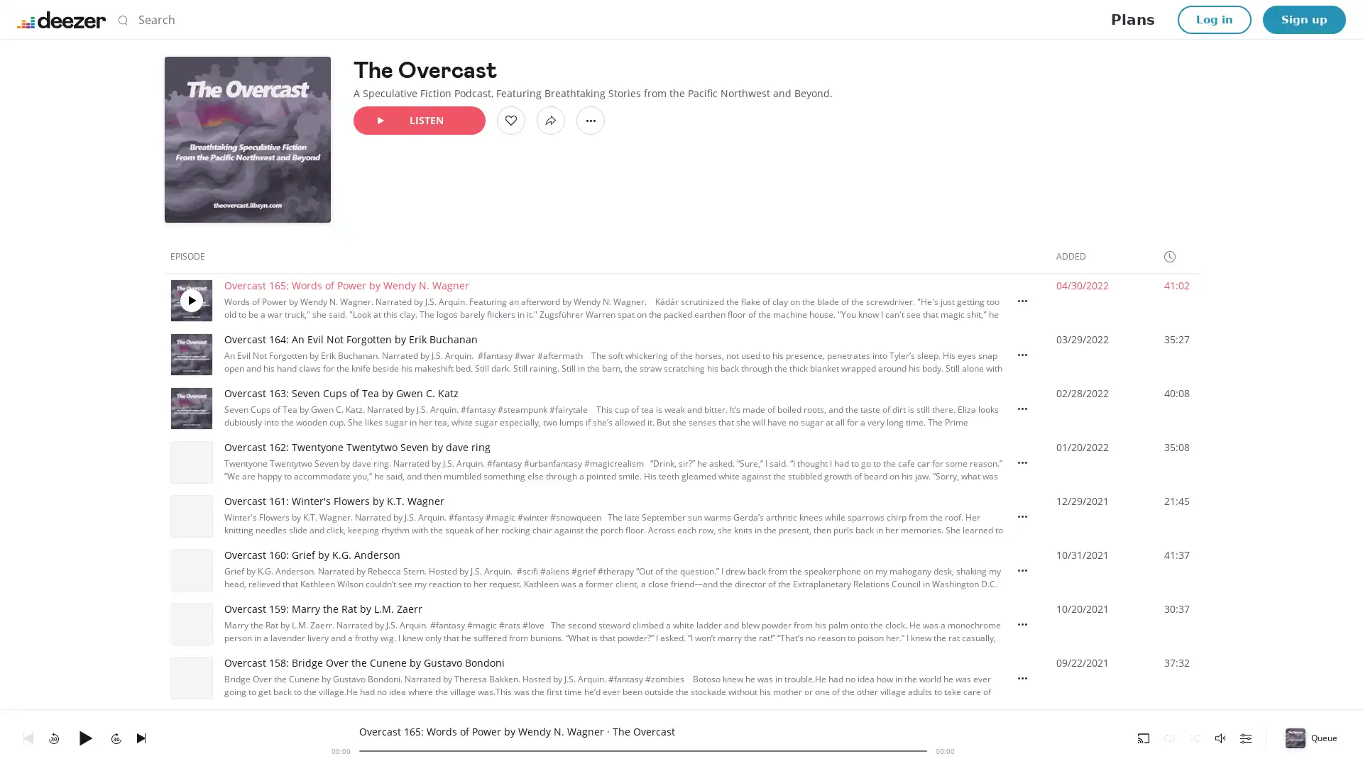 The height and width of the screenshot is (766, 1363). I want to click on Play, so click(84, 737).